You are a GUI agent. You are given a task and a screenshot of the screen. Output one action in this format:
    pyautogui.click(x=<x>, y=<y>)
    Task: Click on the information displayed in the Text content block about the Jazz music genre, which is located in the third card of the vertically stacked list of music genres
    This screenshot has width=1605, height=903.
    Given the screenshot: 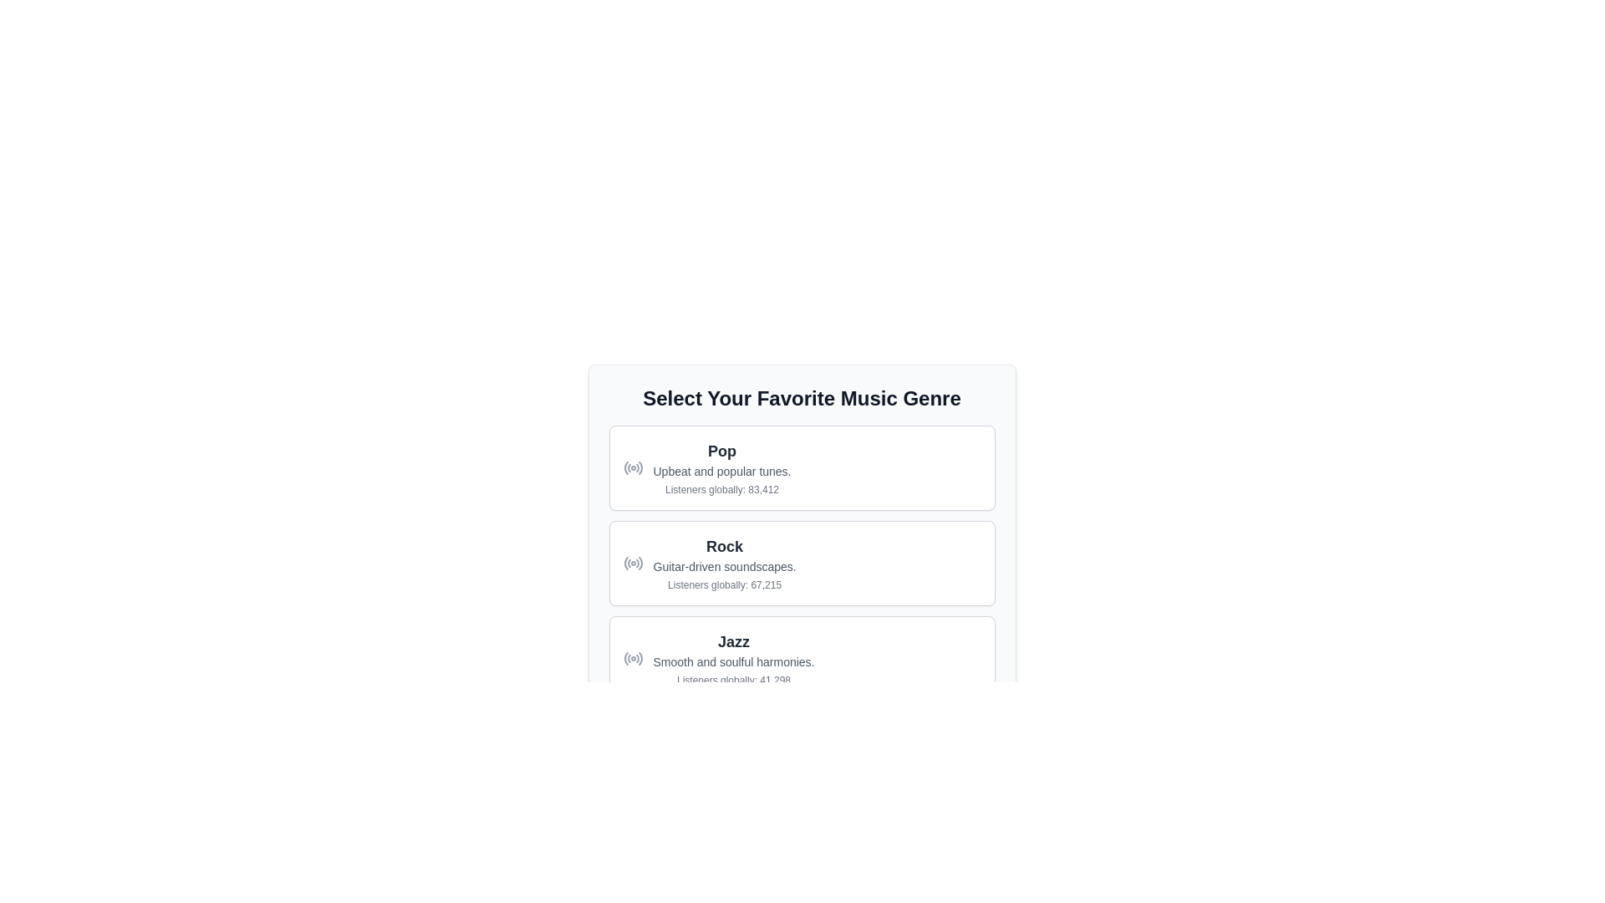 What is the action you would take?
    pyautogui.click(x=734, y=657)
    